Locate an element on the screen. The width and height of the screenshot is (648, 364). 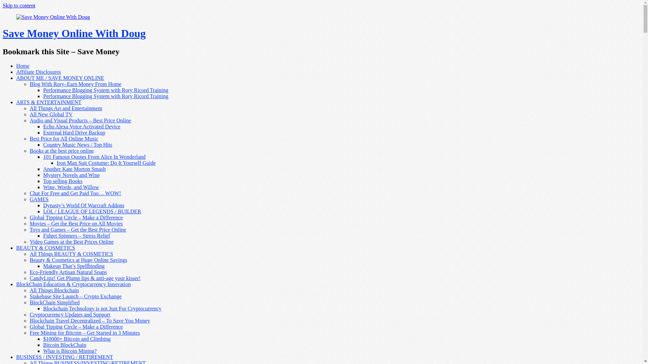
'All Things Art and Entertainment' is located at coordinates (66, 108).